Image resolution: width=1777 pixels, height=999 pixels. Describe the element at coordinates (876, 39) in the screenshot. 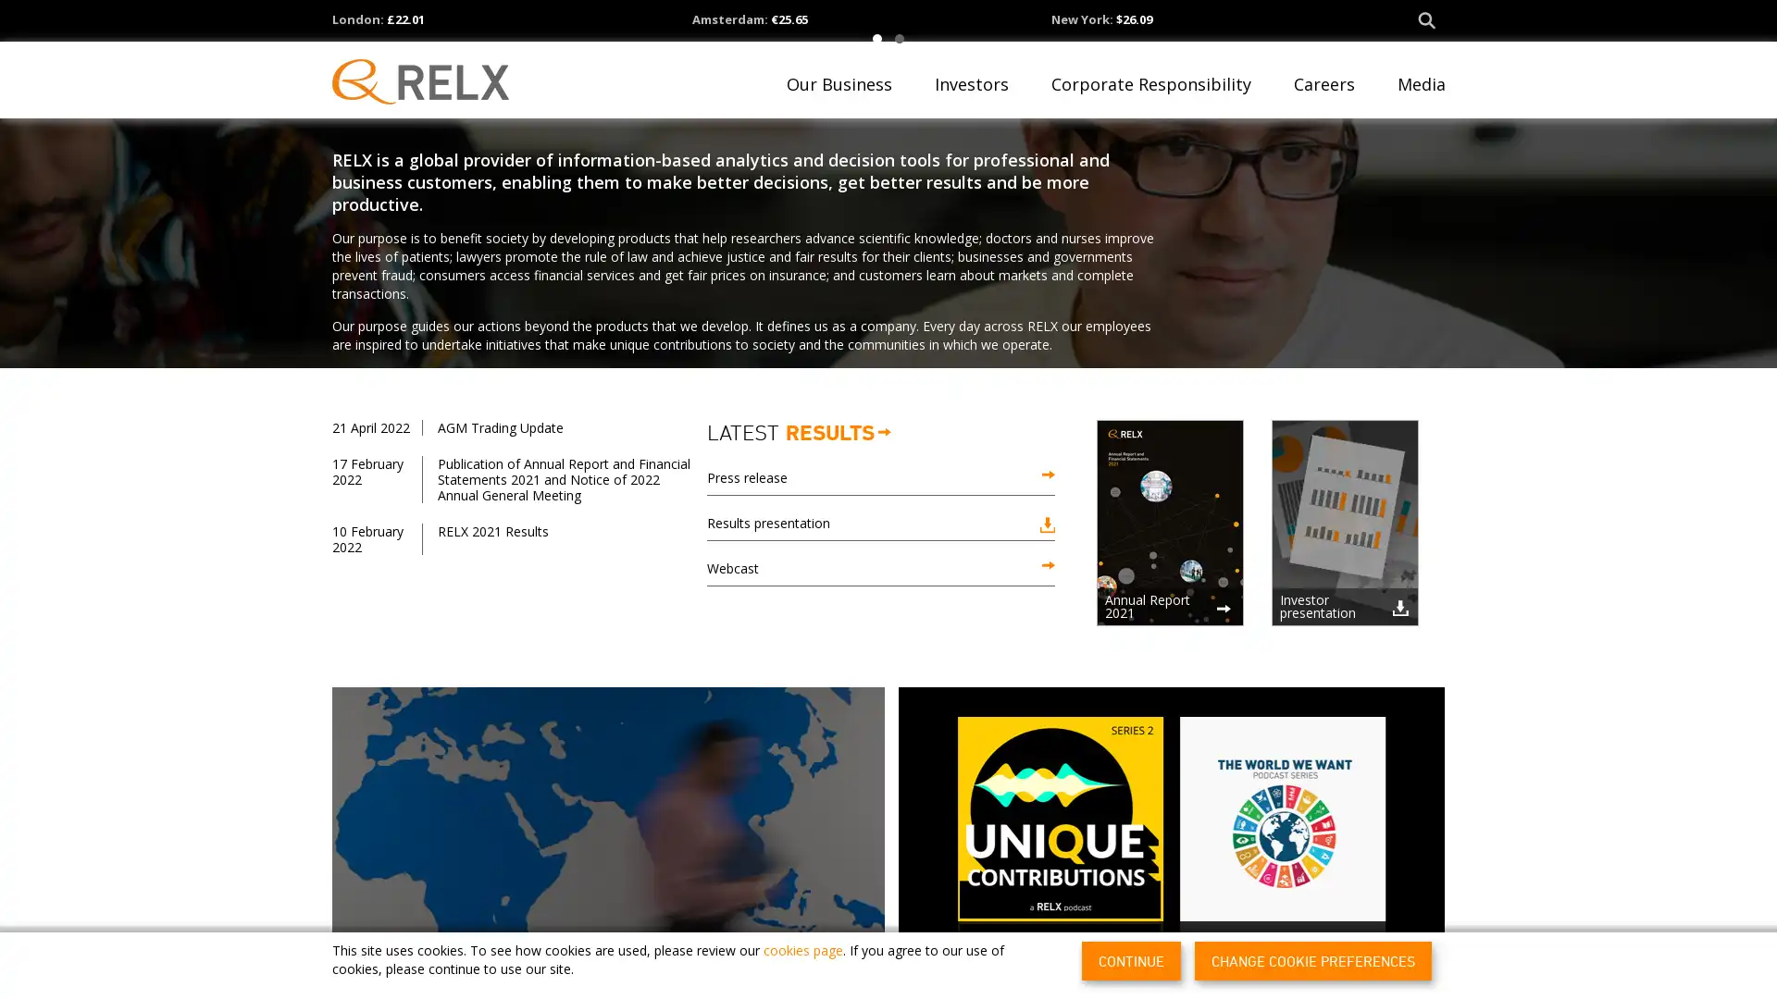

I see `1` at that location.